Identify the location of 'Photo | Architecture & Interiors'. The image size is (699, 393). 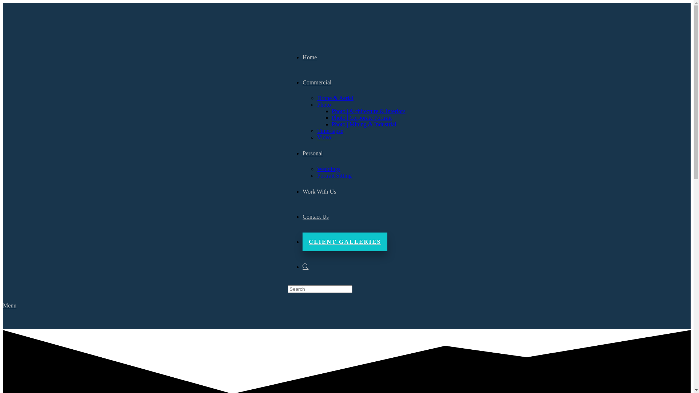
(368, 111).